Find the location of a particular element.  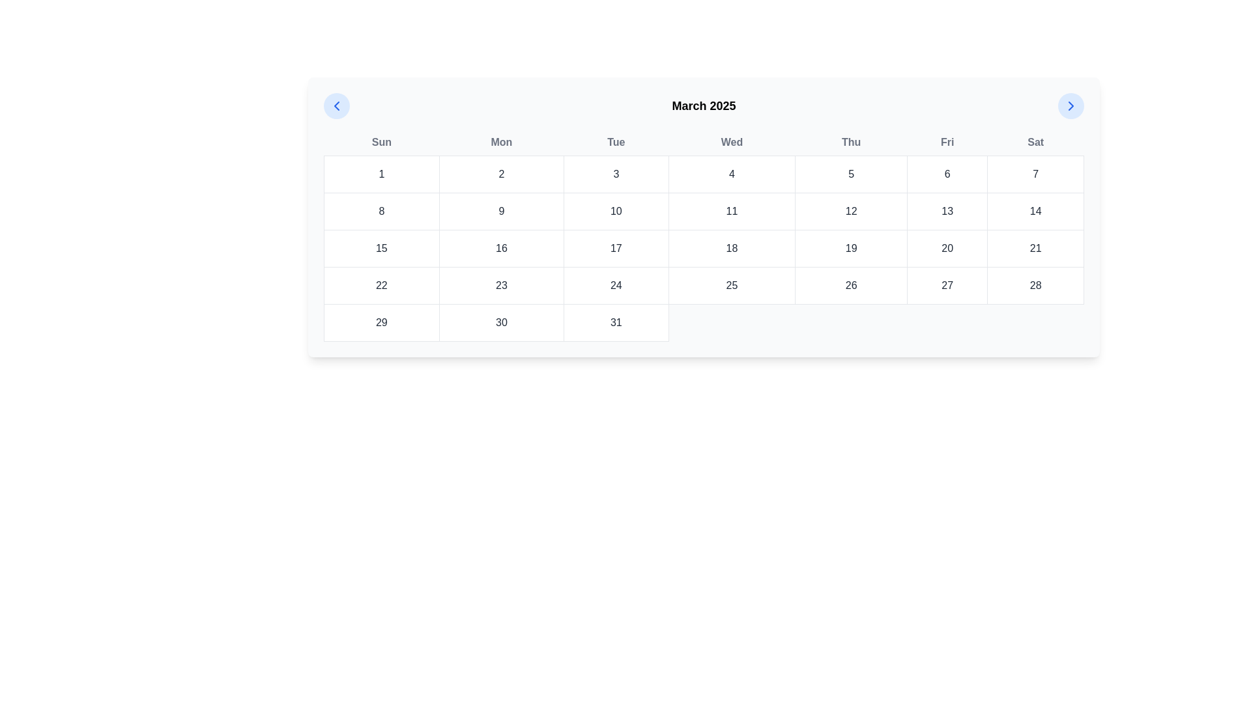

the clickable calendar cell representing the 15th of the month is located at coordinates (381, 248).